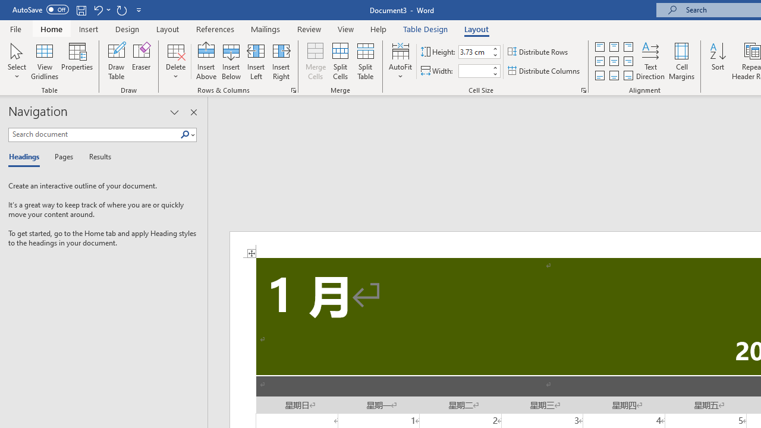 The height and width of the screenshot is (428, 761). What do you see at coordinates (400, 61) in the screenshot?
I see `'AutoFit'` at bounding box center [400, 61].